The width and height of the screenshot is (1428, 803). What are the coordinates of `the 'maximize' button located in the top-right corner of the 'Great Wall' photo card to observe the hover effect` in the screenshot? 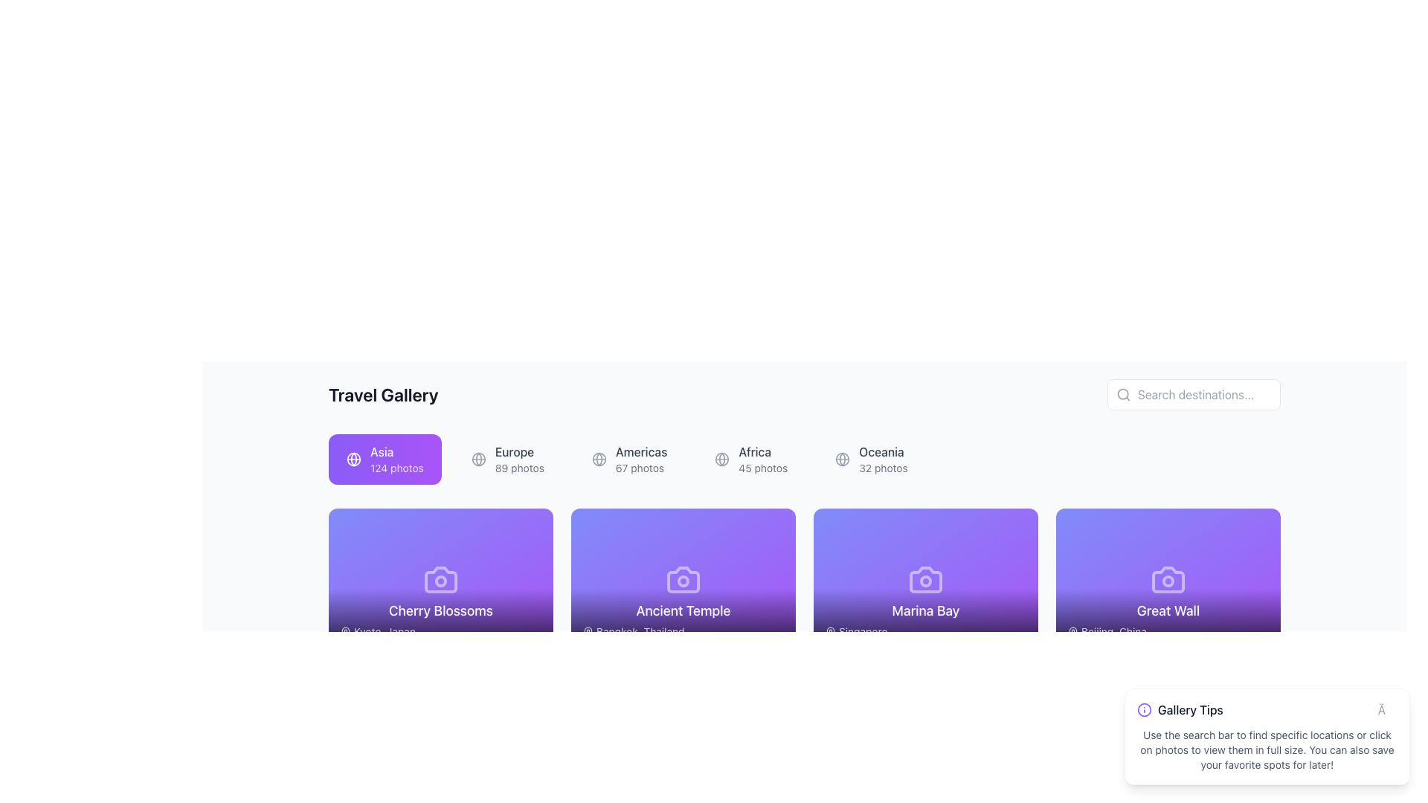 It's located at (1255, 532).